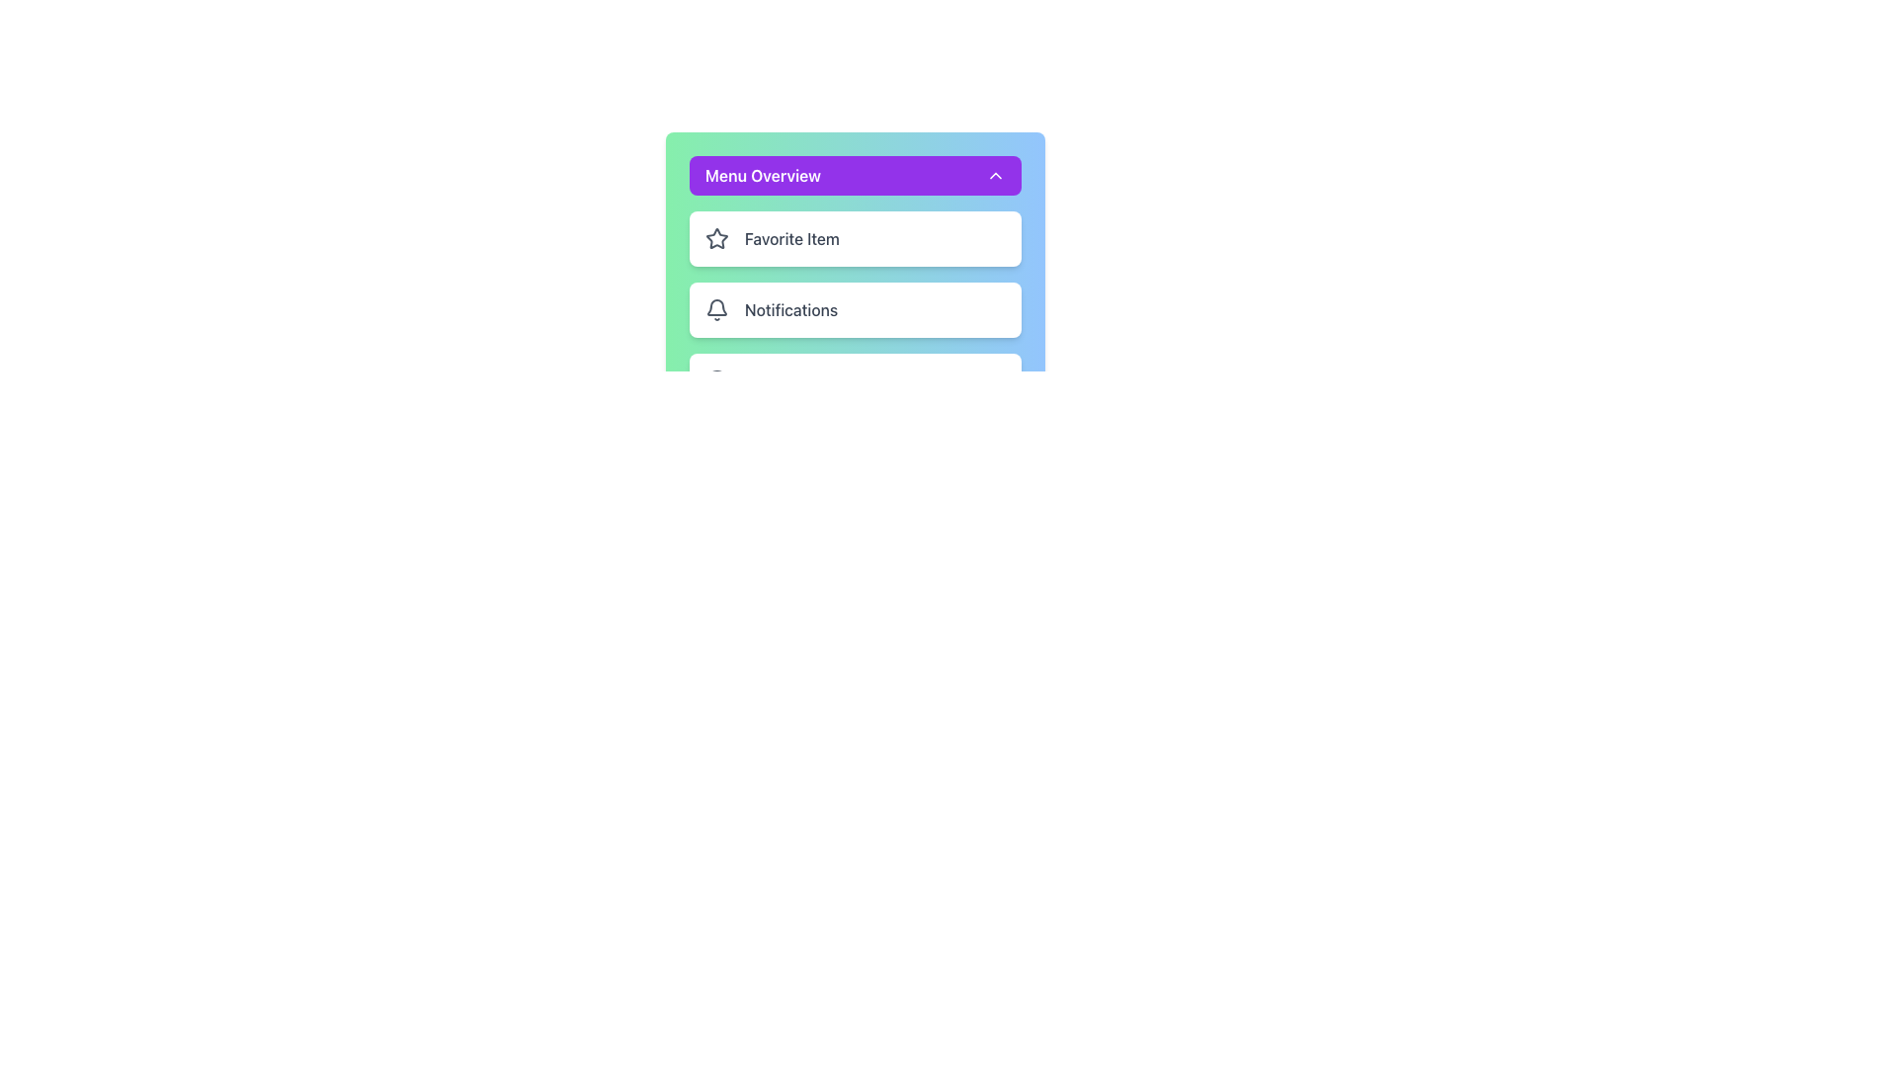 The width and height of the screenshot is (1897, 1067). I want to click on the Text label that serves to represent an item or option within the menu, located in the first card under the 'Menu Overview' header, to the right of a star-shaped icon, so click(791, 238).